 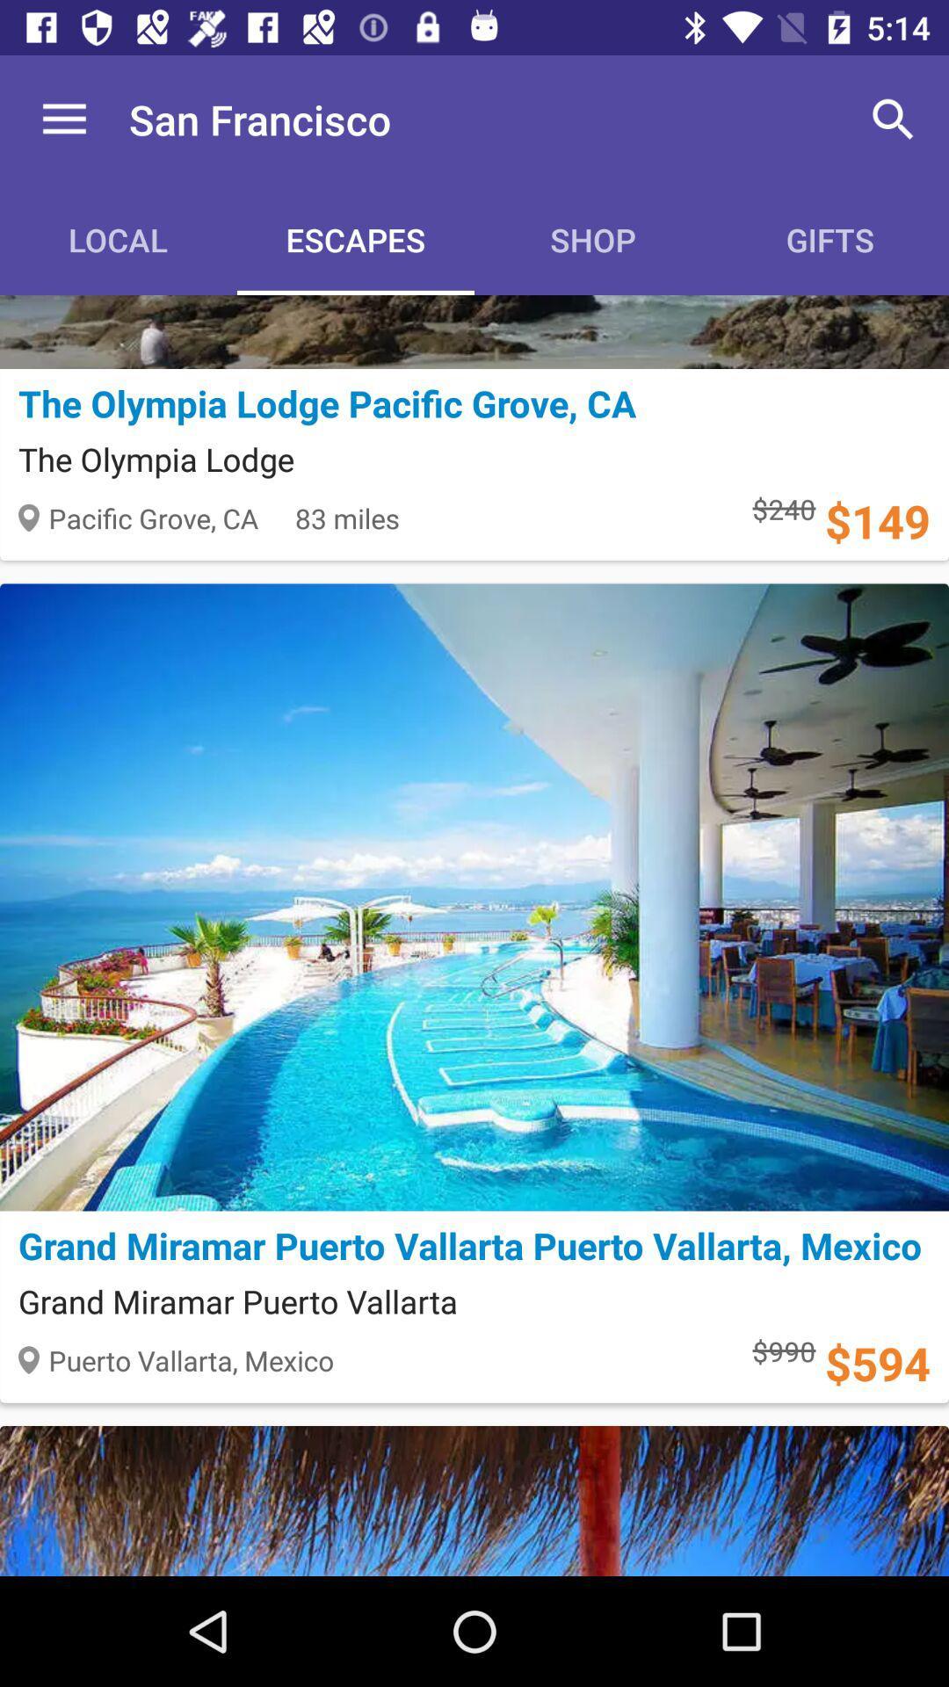 What do you see at coordinates (63, 119) in the screenshot?
I see `item next to san francisco icon` at bounding box center [63, 119].